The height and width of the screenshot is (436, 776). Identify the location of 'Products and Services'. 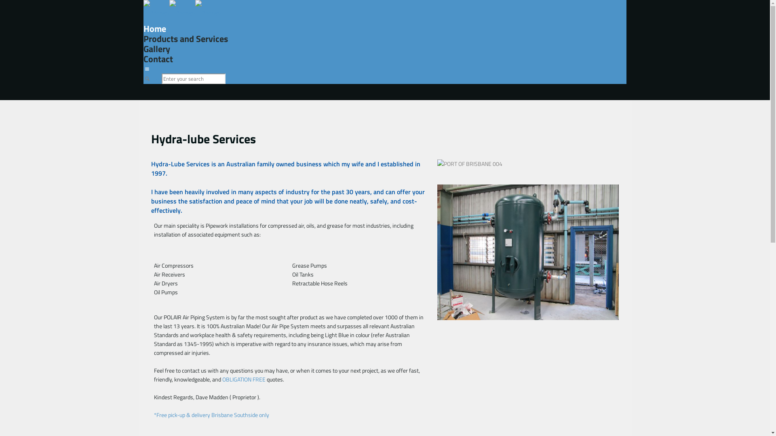
(143, 39).